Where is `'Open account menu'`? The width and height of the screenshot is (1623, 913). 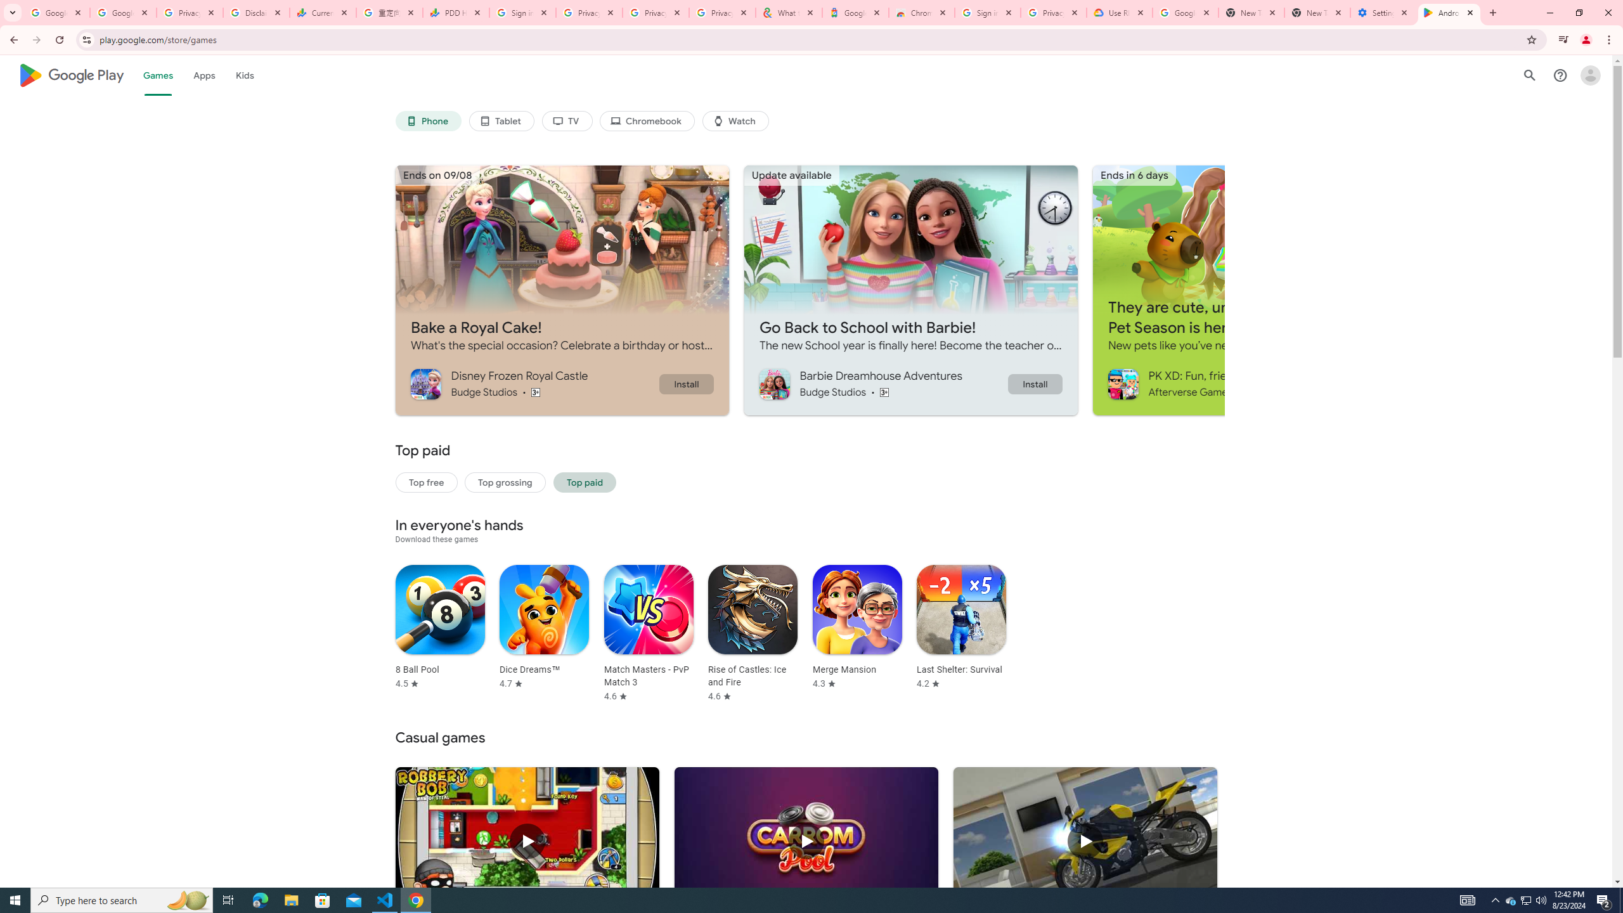 'Open account menu' is located at coordinates (1589, 75).